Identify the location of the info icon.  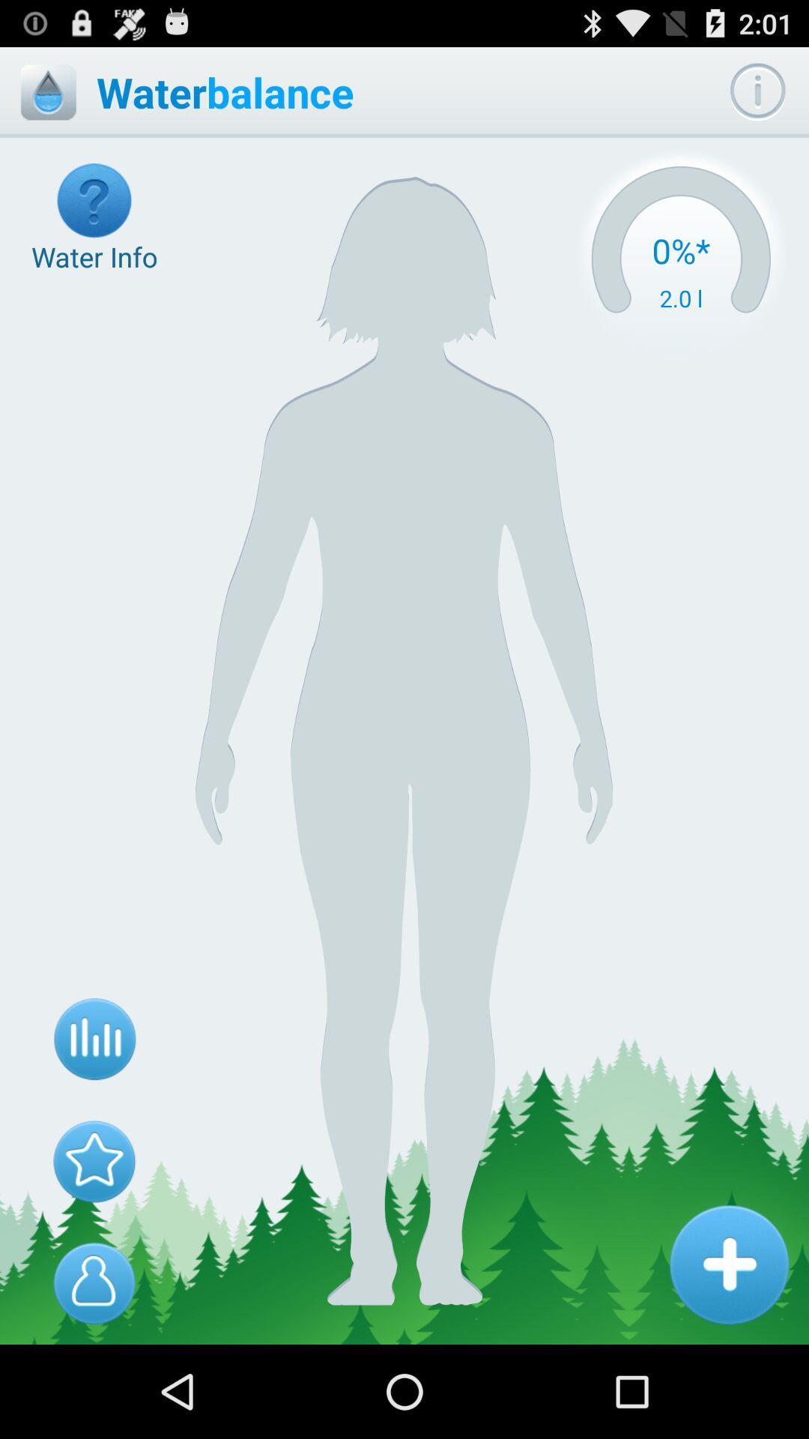
(757, 97).